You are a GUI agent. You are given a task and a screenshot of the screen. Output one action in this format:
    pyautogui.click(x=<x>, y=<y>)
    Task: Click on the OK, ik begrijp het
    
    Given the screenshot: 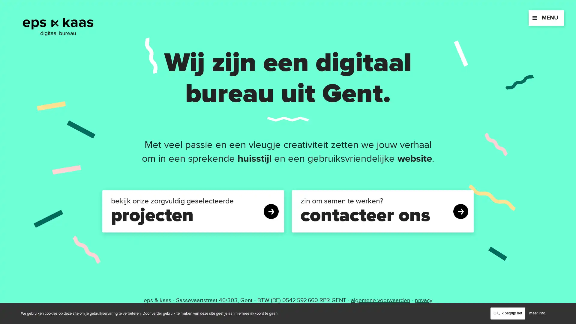 What is the action you would take?
    pyautogui.click(x=508, y=313)
    